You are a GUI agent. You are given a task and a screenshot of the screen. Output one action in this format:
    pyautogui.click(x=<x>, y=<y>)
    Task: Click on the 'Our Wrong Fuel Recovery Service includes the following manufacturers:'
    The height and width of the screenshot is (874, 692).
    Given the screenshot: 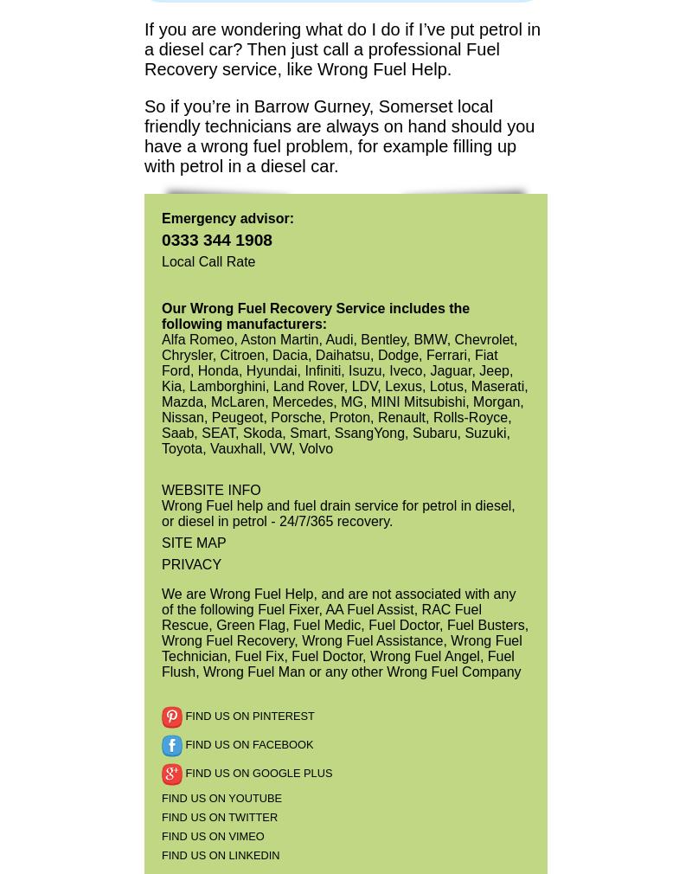 What is the action you would take?
    pyautogui.click(x=315, y=315)
    